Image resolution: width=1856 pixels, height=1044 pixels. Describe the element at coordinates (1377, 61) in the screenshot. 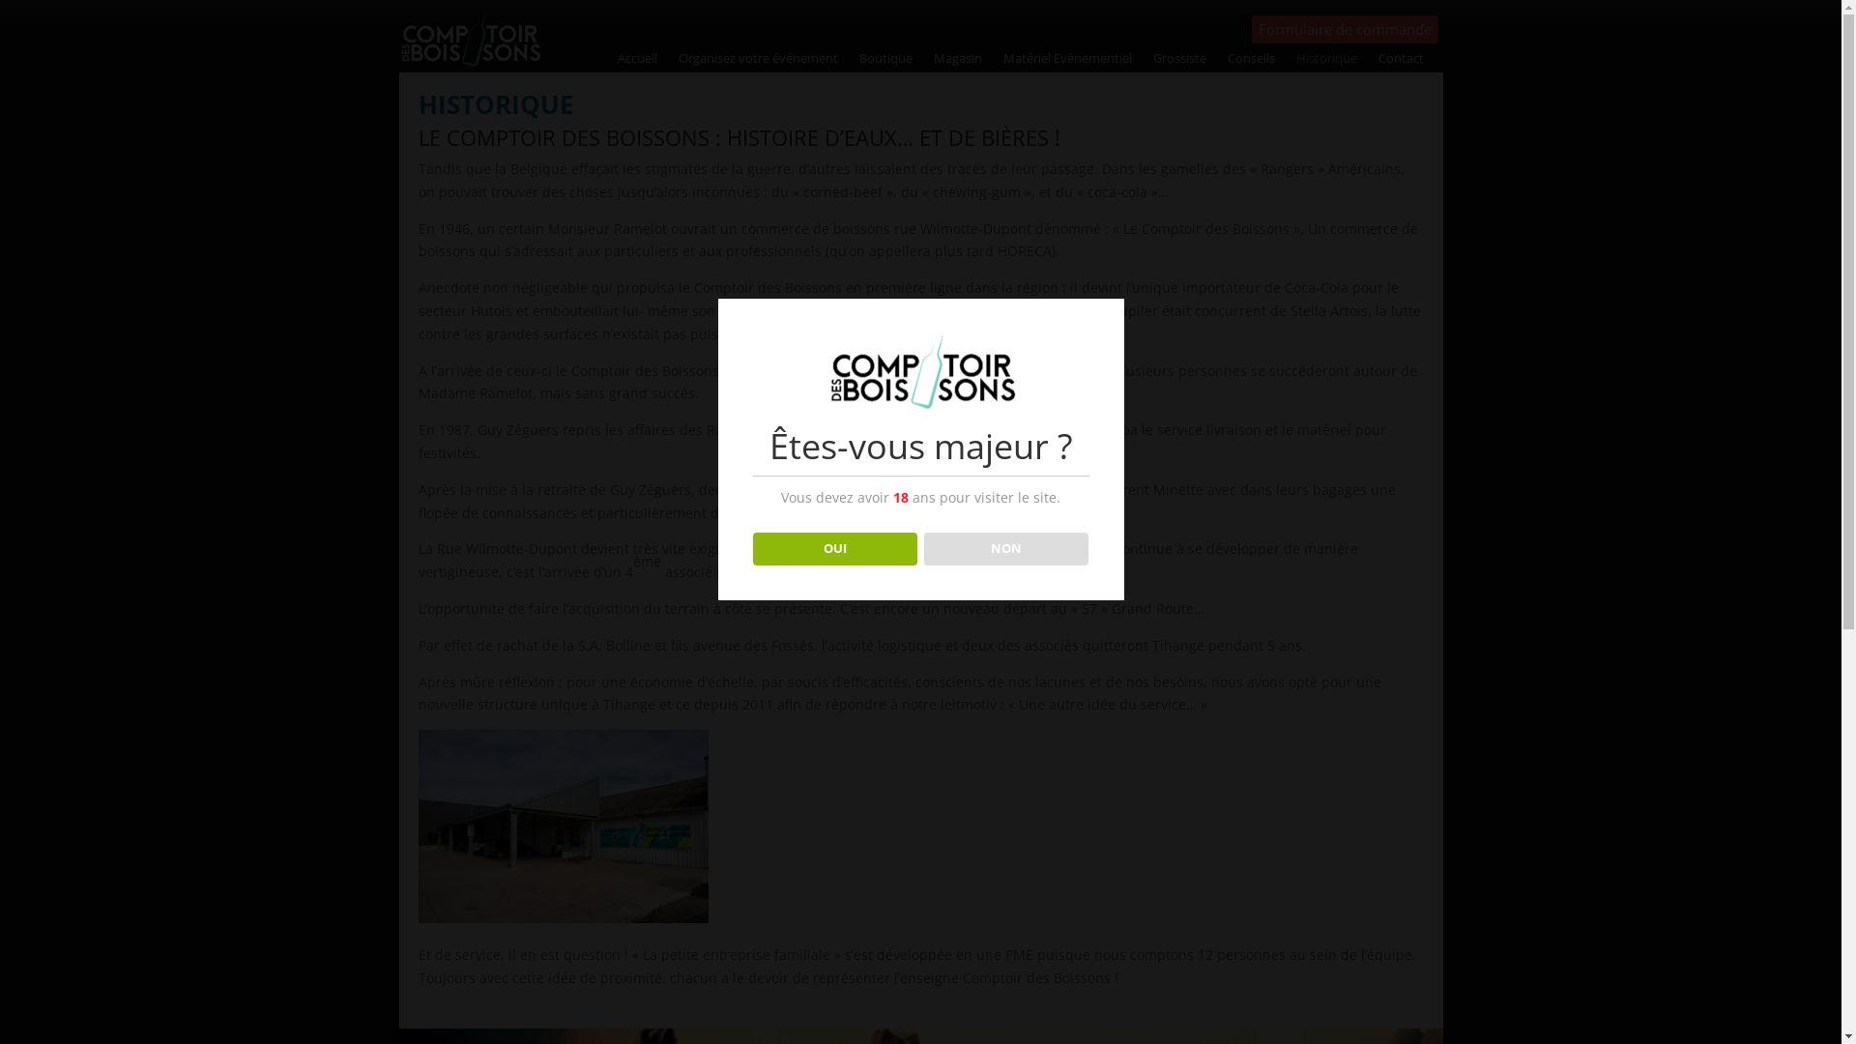

I see `'Contact'` at that location.